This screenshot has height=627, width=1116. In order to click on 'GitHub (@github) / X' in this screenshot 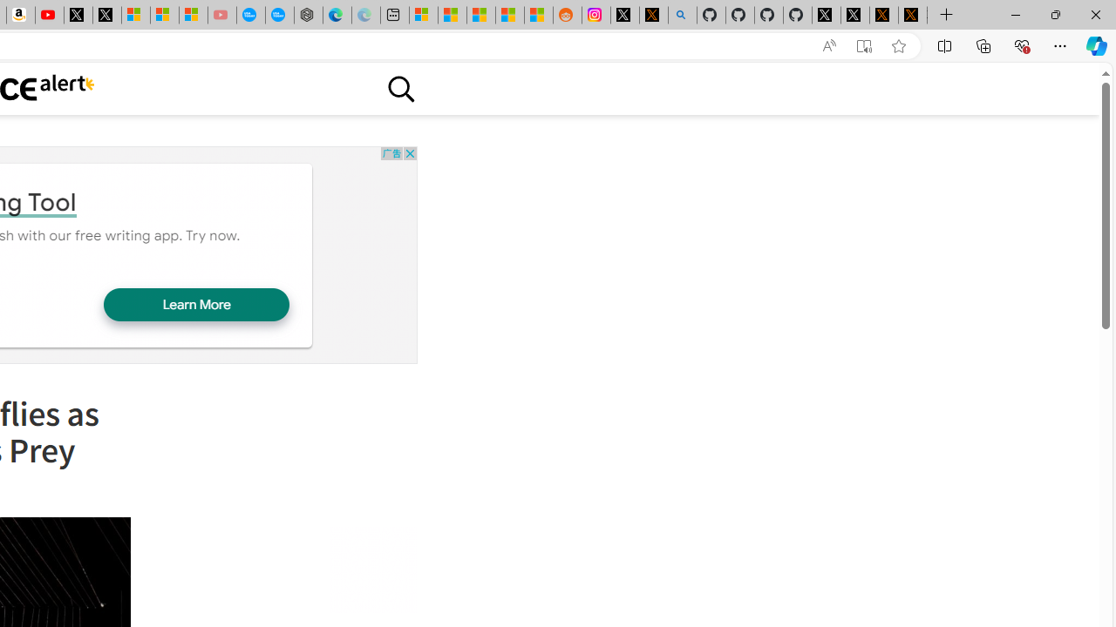, I will do `click(855, 15)`.